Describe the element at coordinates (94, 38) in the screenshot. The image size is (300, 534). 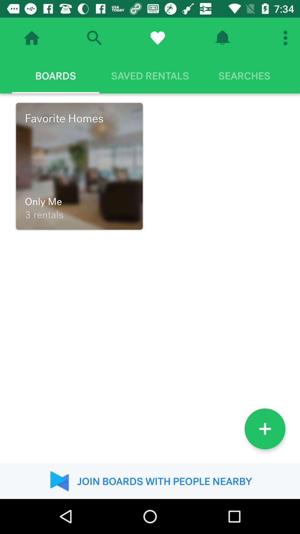
I see `the search icon beside the home icon on the top` at that location.